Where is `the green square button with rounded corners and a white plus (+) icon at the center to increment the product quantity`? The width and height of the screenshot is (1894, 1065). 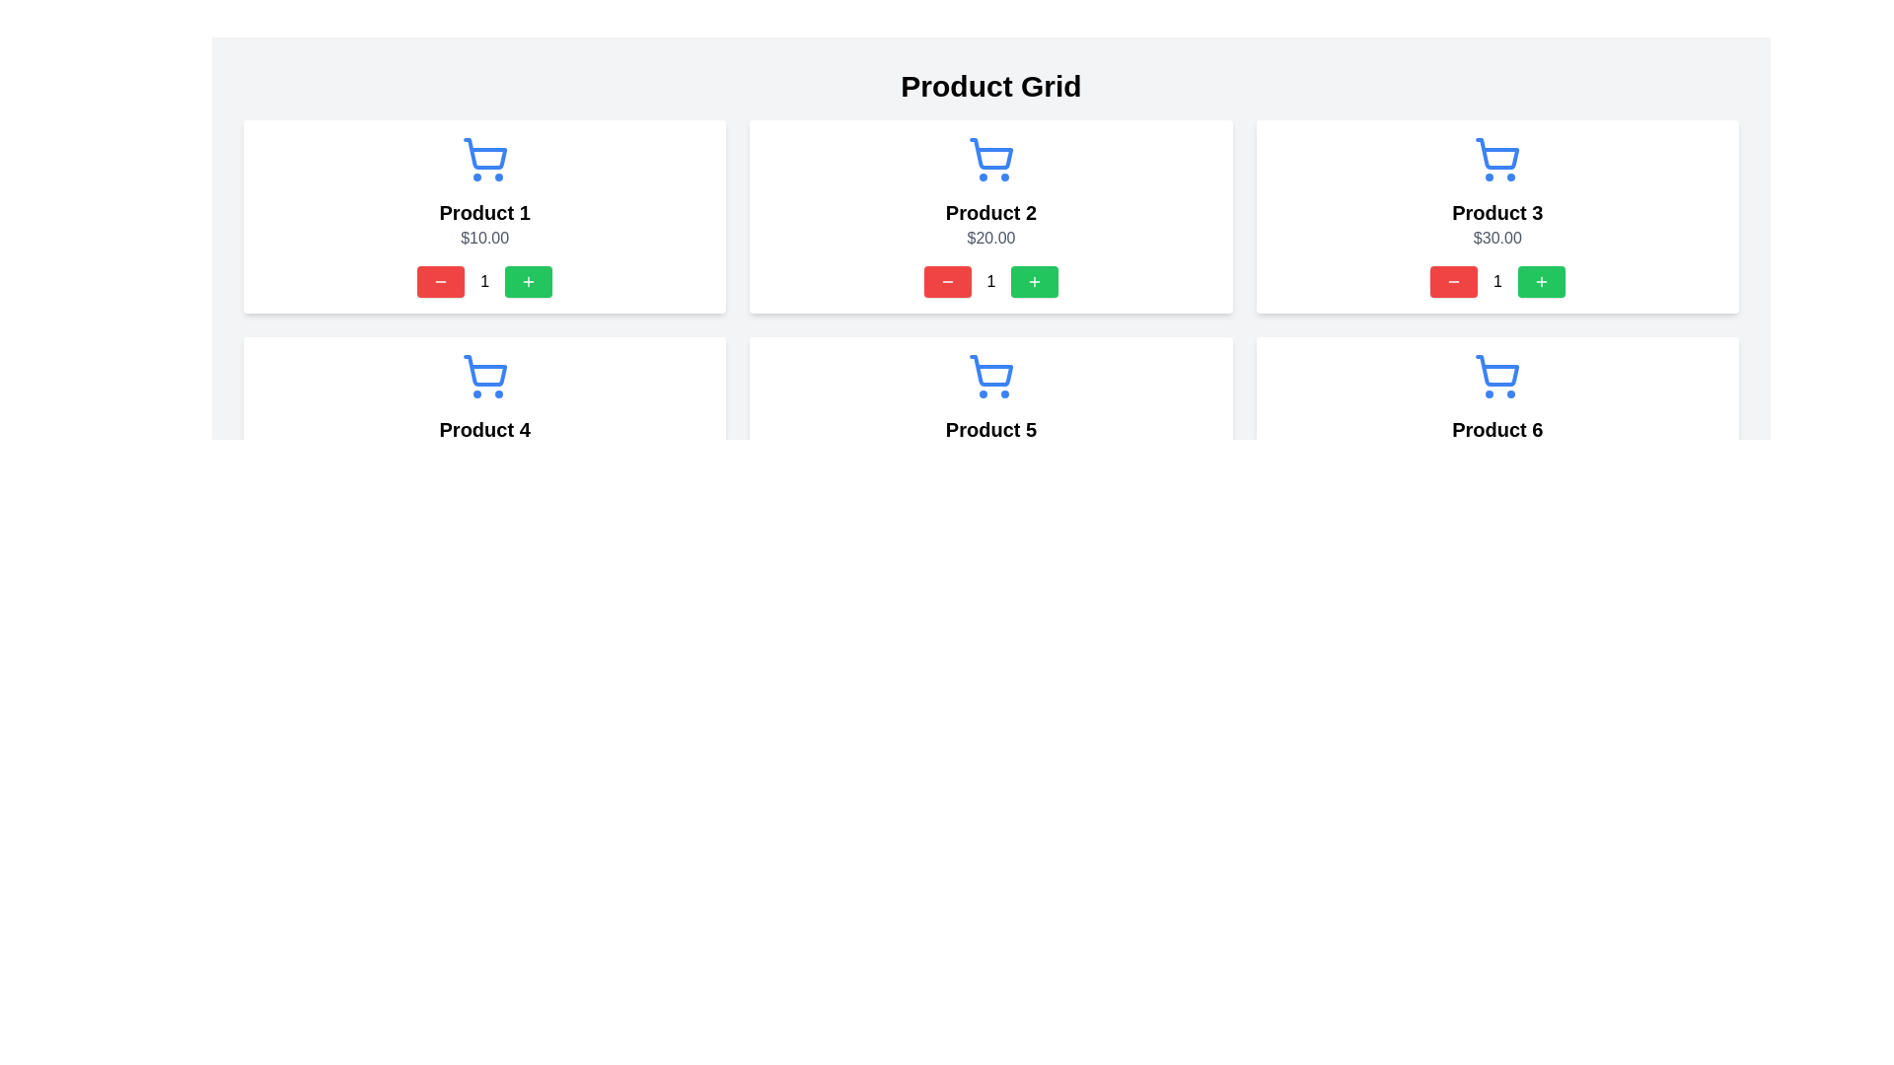
the green square button with rounded corners and a white plus (+) icon at the center to increment the product quantity is located at coordinates (529, 281).